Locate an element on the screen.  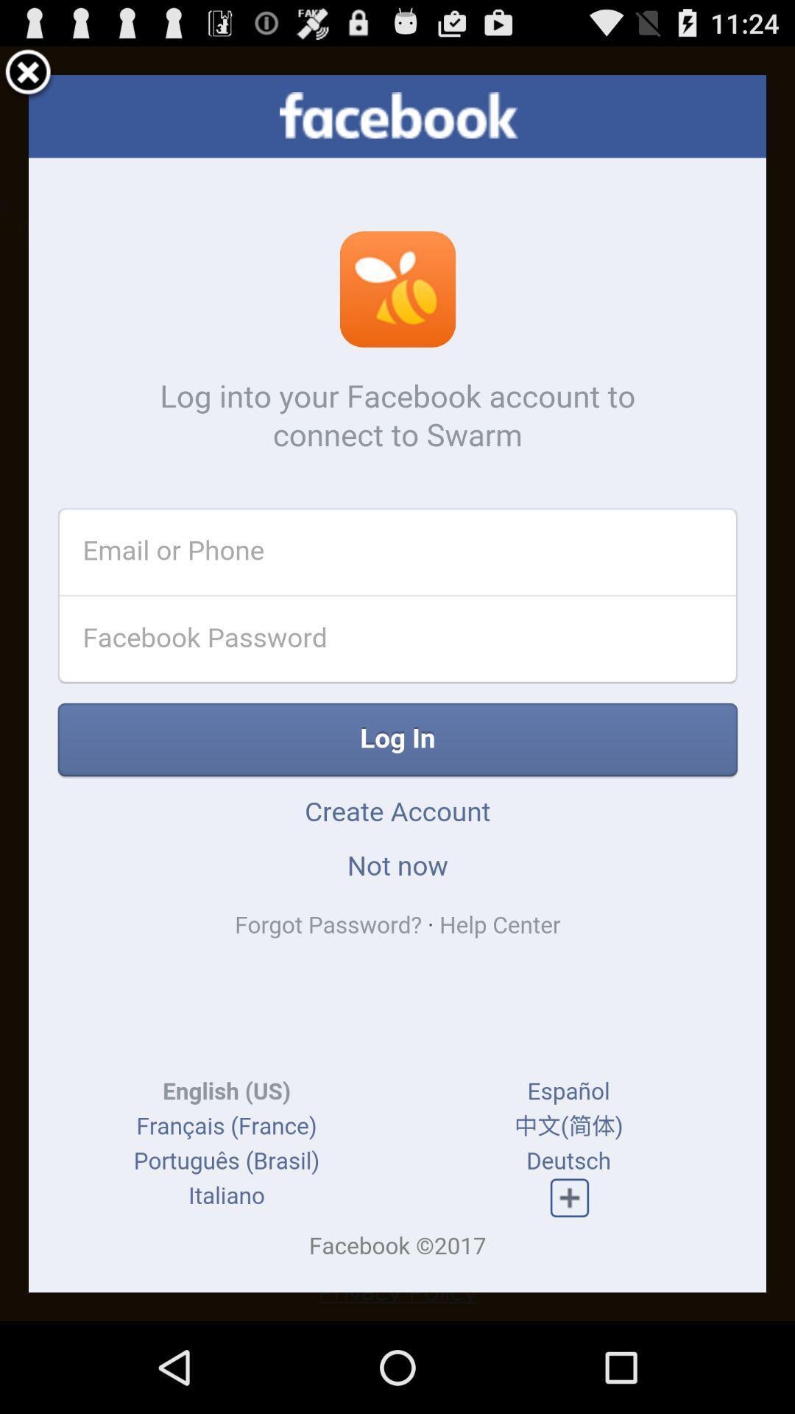
the close icon is located at coordinates (28, 79).